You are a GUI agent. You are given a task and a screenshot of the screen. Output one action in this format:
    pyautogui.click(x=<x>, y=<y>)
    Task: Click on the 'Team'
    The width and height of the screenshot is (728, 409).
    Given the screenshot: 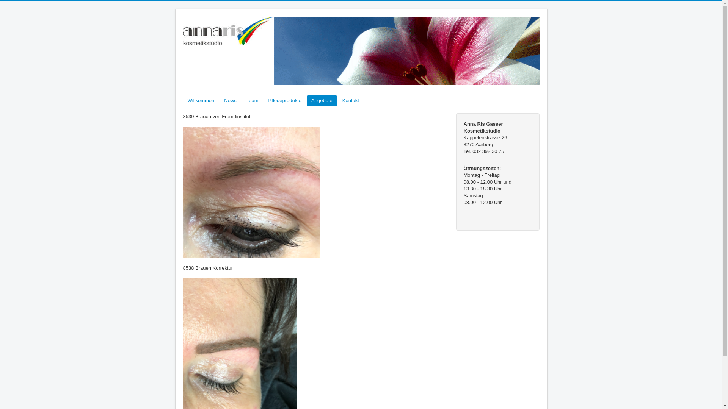 What is the action you would take?
    pyautogui.click(x=242, y=100)
    